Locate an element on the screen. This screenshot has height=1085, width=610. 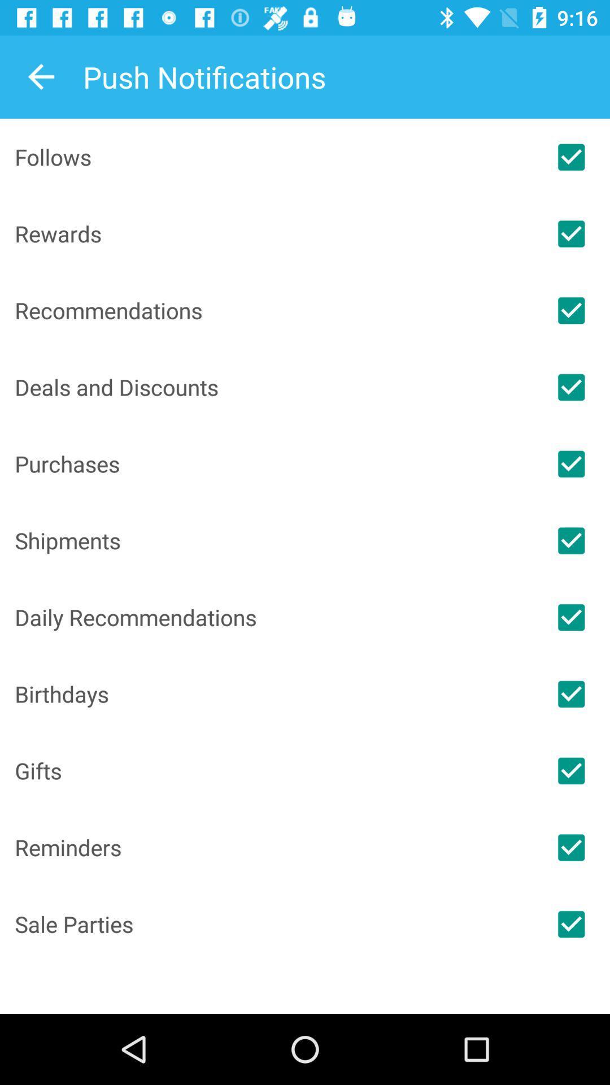
the deals and discounts item is located at coordinates (273, 387).